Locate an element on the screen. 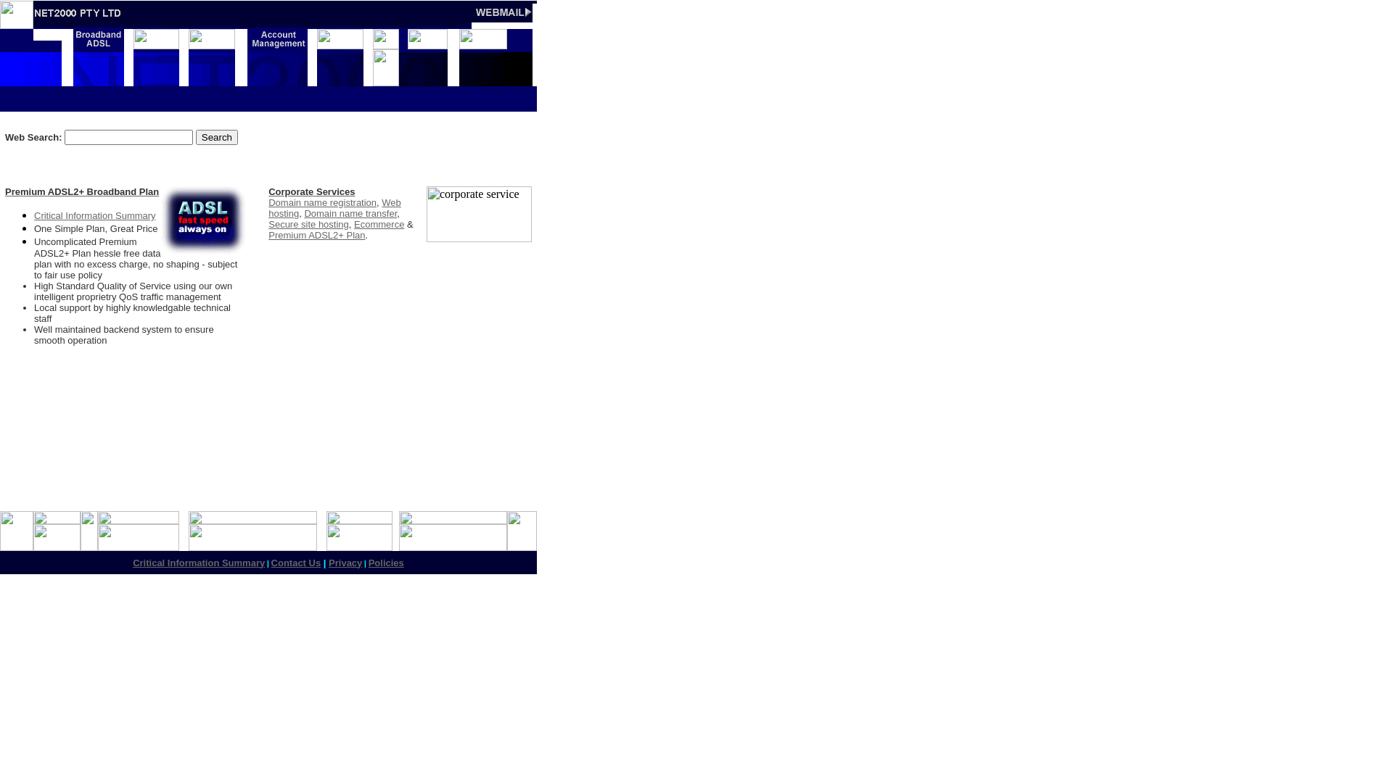  'Domain name registration' is located at coordinates (321, 202).